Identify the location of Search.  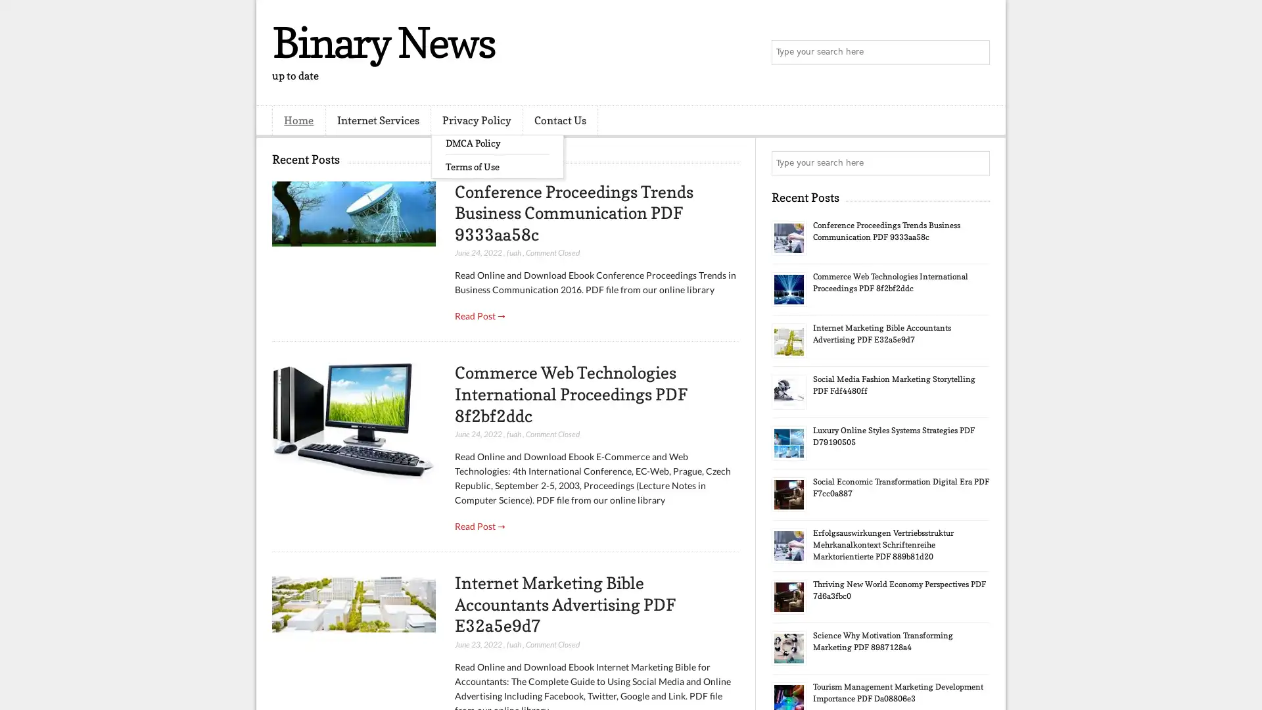
(976, 53).